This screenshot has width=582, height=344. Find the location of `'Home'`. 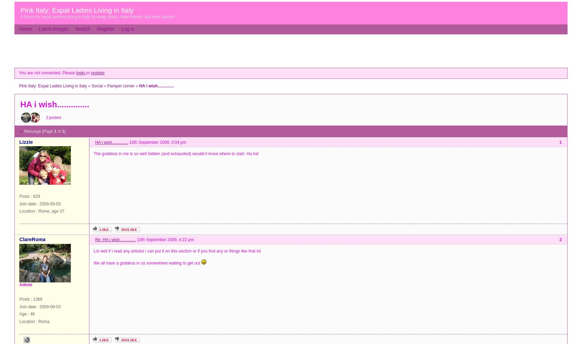

'Home' is located at coordinates (25, 28).